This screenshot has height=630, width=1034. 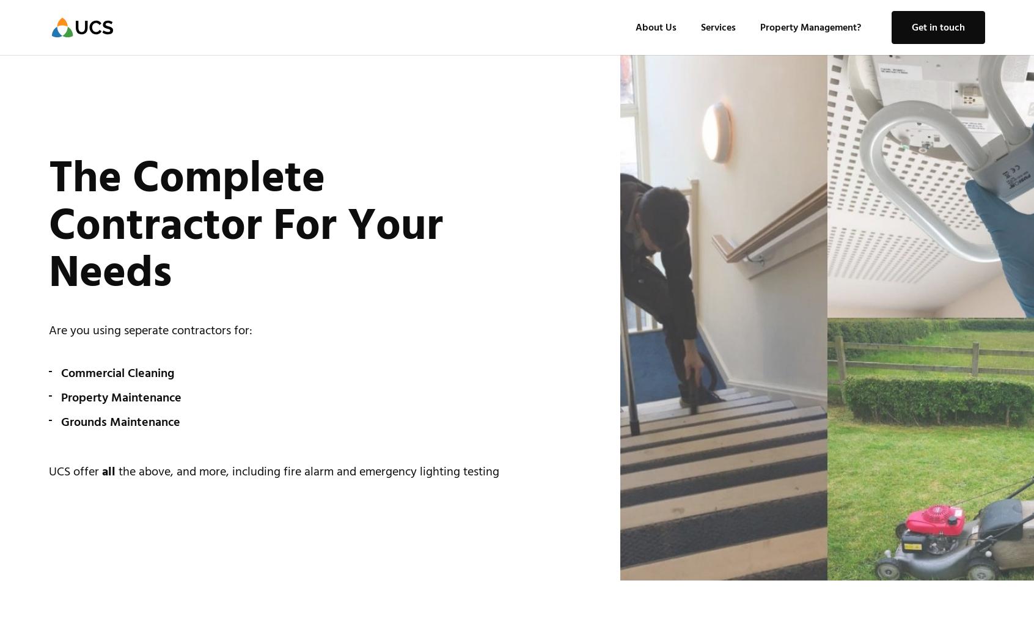 What do you see at coordinates (120, 422) in the screenshot?
I see `'Grounds Maintenance'` at bounding box center [120, 422].